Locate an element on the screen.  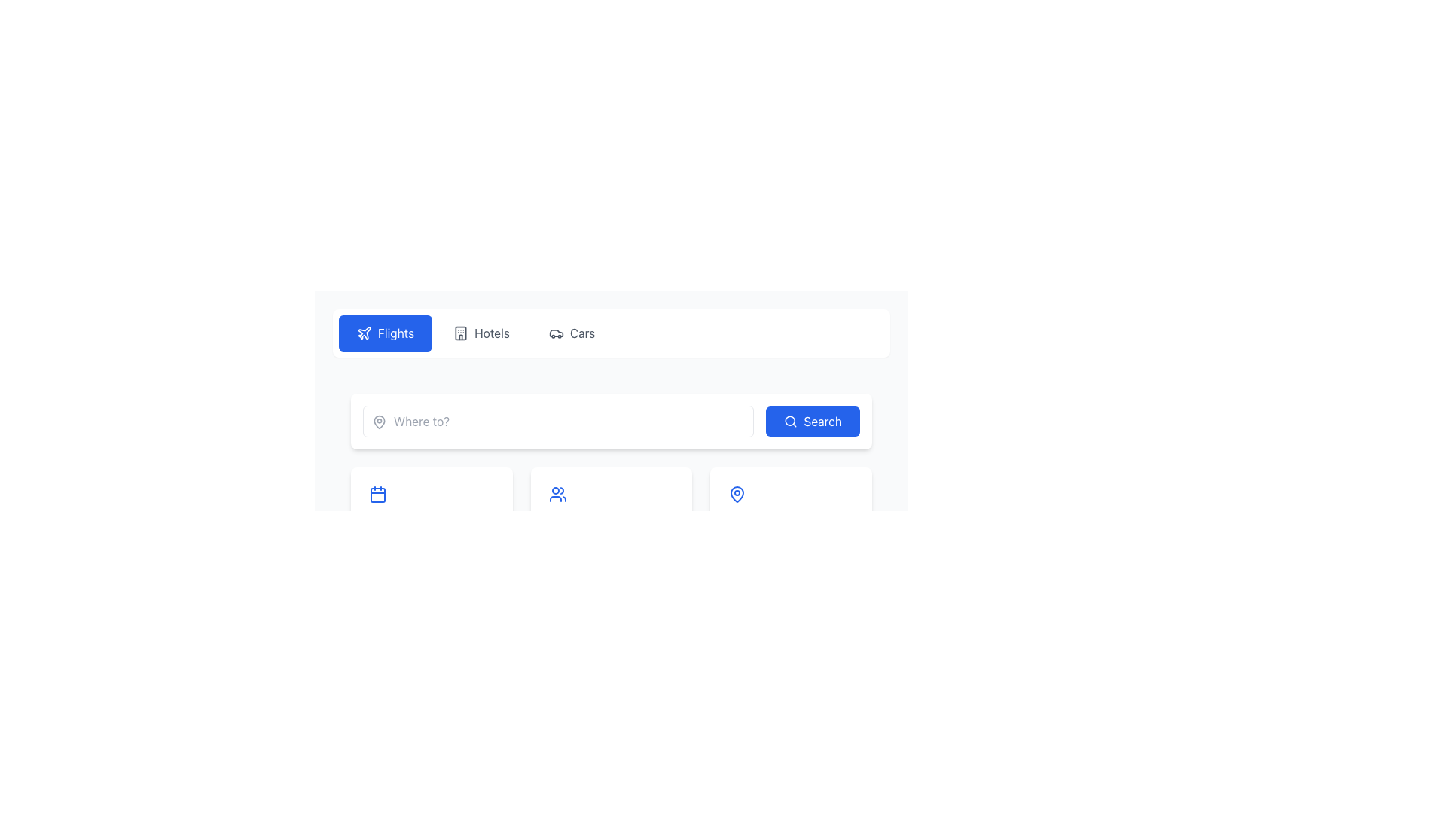
the small car icon located to the left of the text 'Cars' in the third option of the top navigation bar is located at coordinates (555, 333).